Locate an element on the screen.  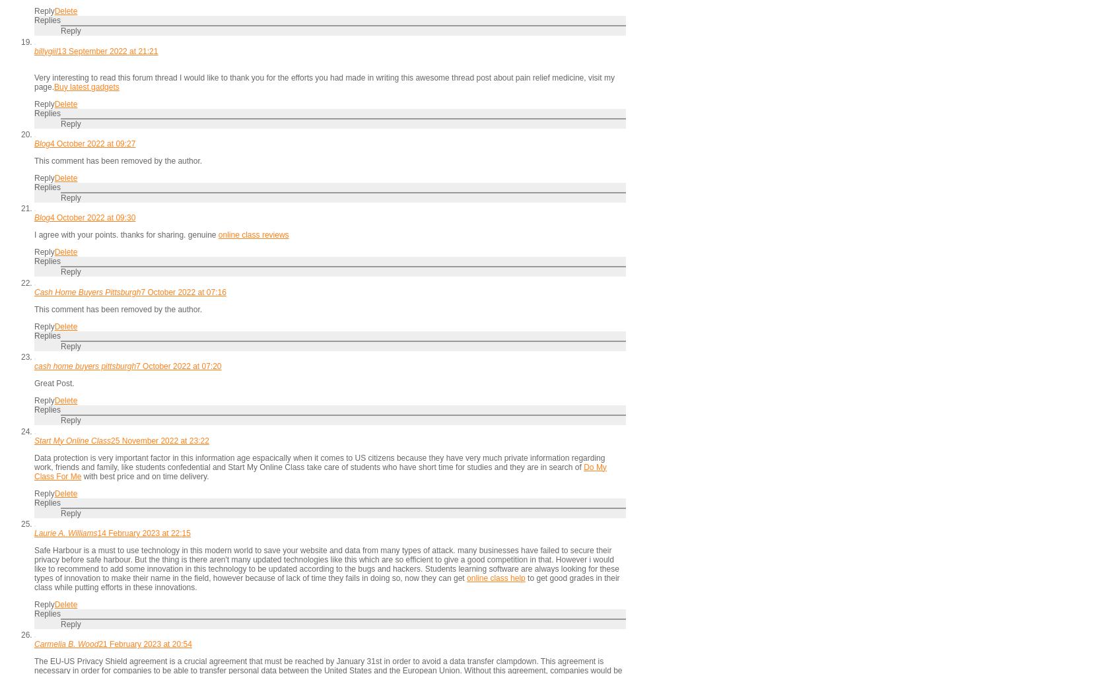
'billygiil' is located at coordinates (46, 50).